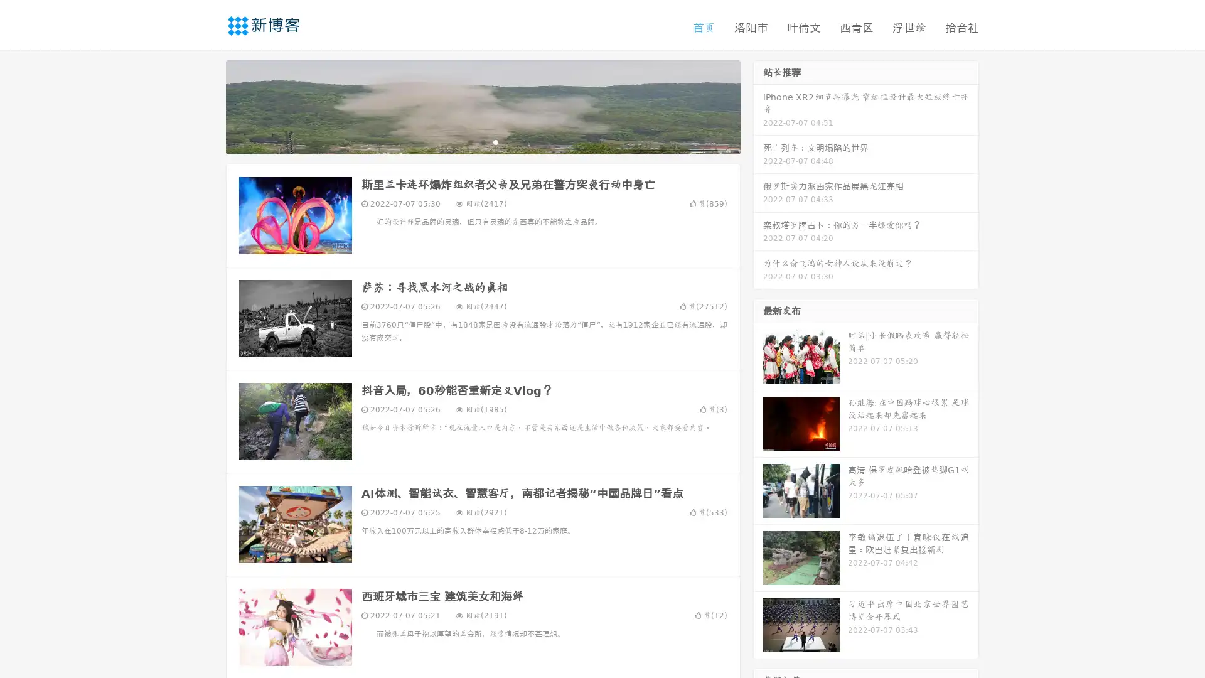  What do you see at coordinates (758, 105) in the screenshot?
I see `Next slide` at bounding box center [758, 105].